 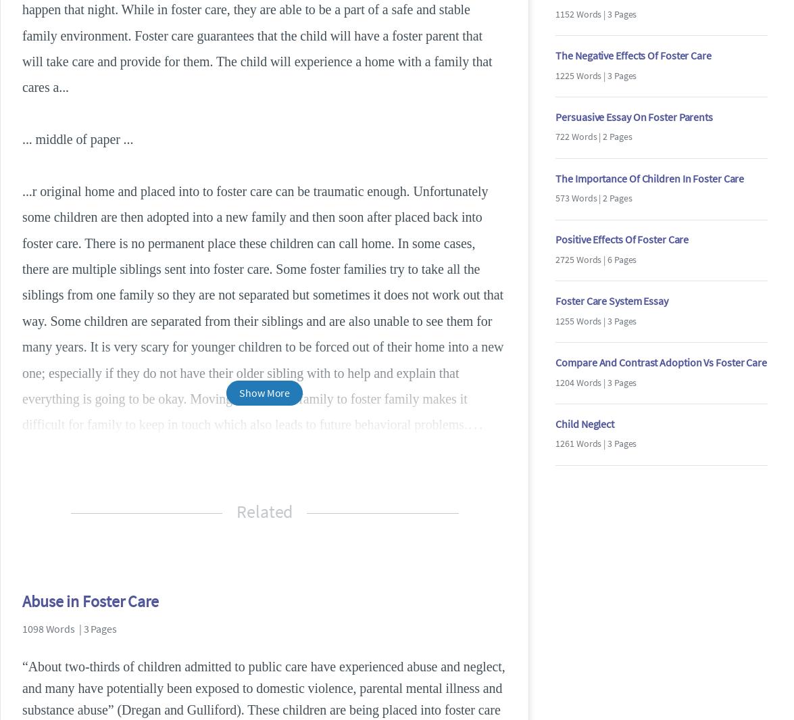 What do you see at coordinates (610, 299) in the screenshot?
I see `'Foster Care System Essay'` at bounding box center [610, 299].